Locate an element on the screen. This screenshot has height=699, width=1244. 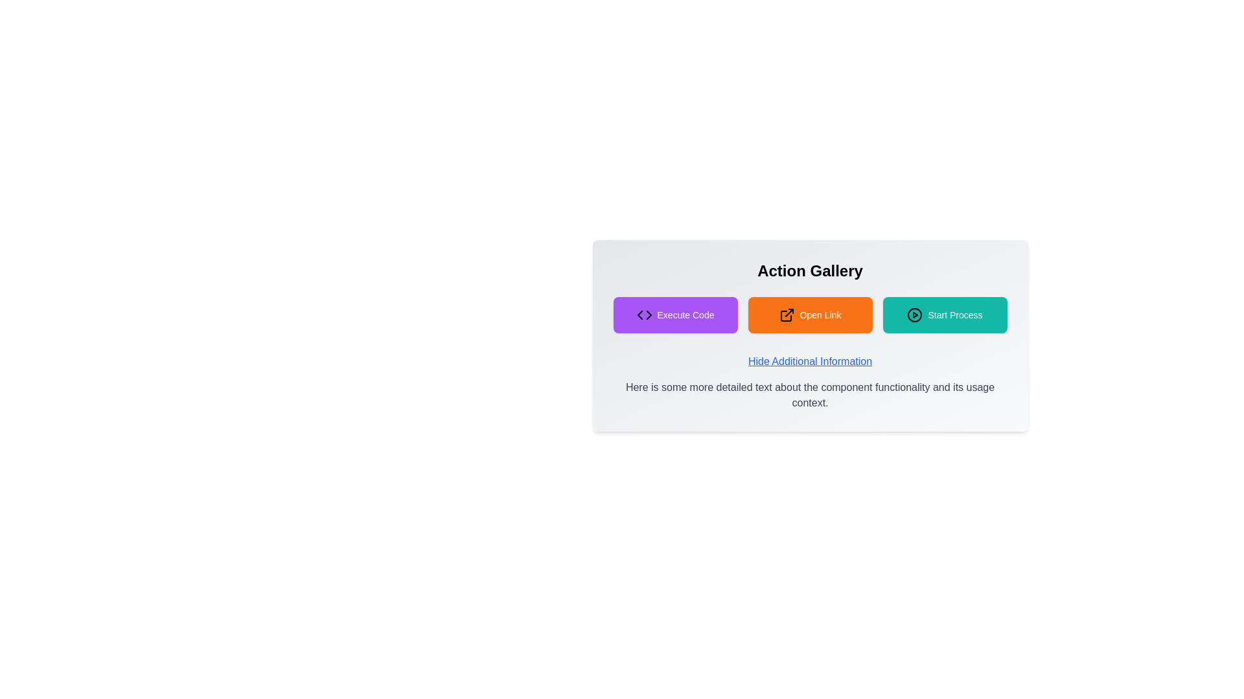
the button labeled 'Open Link' which contains the label text is located at coordinates (820, 315).